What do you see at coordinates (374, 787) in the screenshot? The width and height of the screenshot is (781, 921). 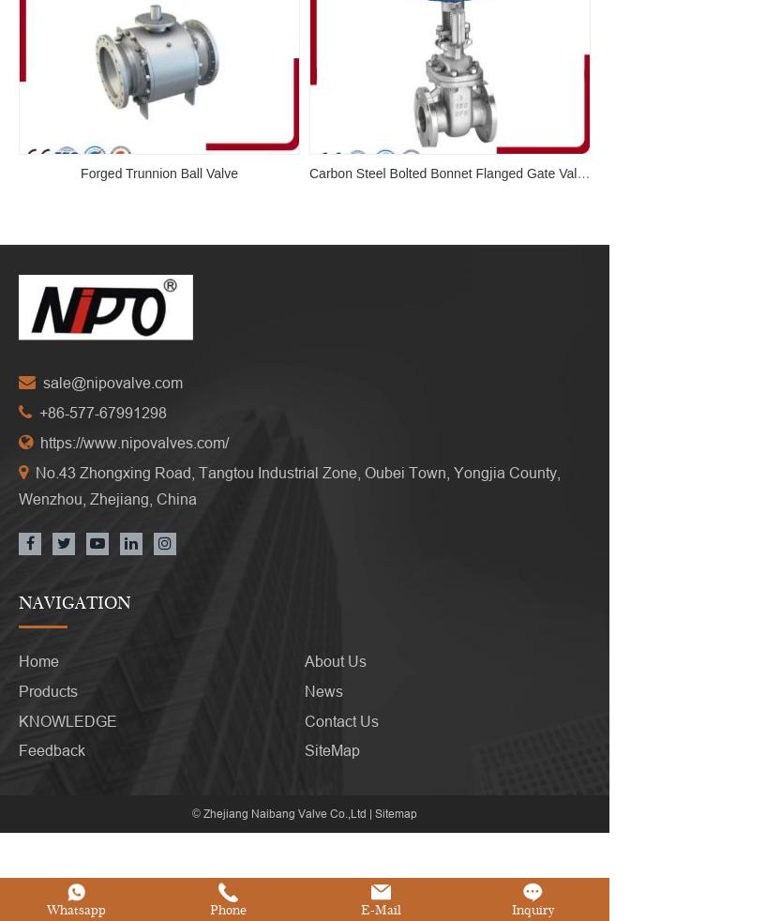 I see `'Sitemap'` at bounding box center [374, 787].